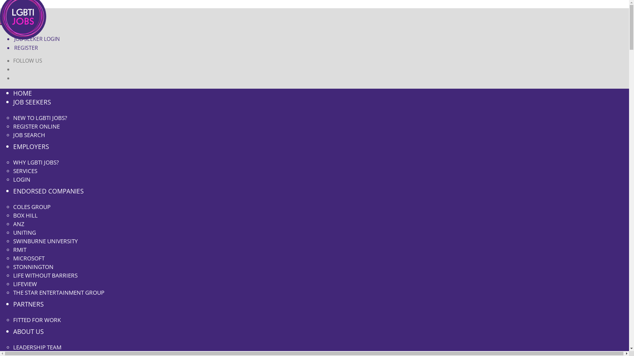 This screenshot has width=634, height=356. Describe the element at coordinates (45, 241) in the screenshot. I see `'SWINBURNE UNIVERSITY'` at that location.